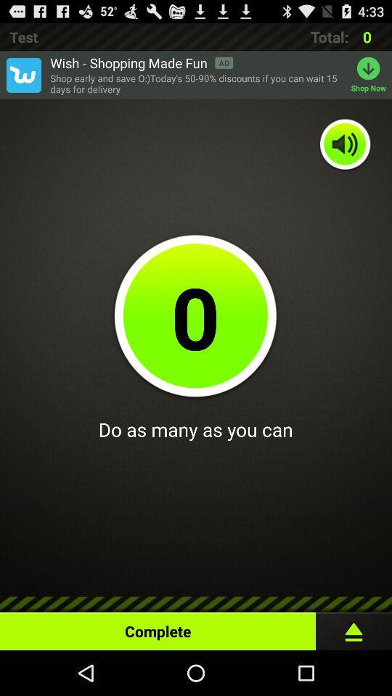  I want to click on app to the left of wish shopping made item, so click(23, 75).